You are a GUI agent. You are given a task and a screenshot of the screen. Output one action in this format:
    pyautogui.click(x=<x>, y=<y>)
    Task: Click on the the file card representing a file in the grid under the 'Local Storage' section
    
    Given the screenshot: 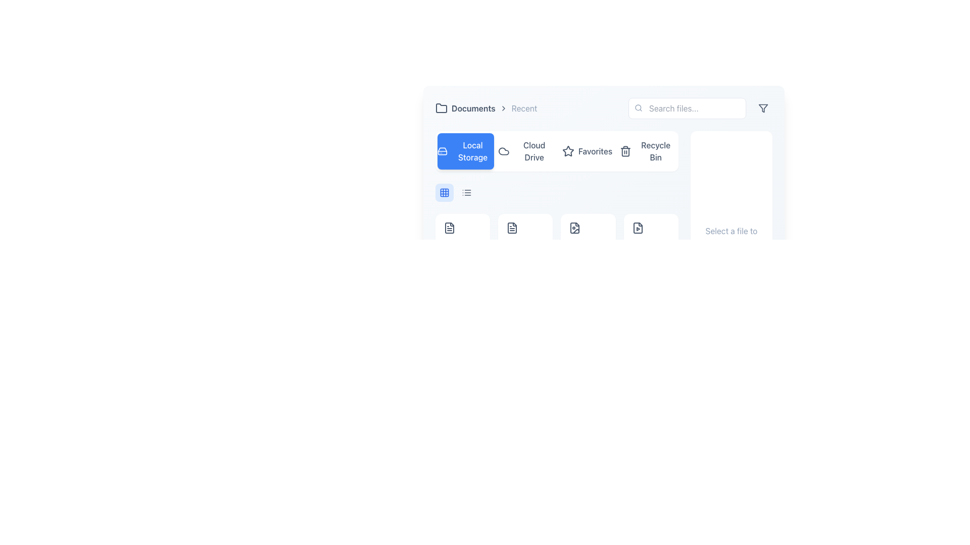 What is the action you would take?
    pyautogui.click(x=525, y=244)
    